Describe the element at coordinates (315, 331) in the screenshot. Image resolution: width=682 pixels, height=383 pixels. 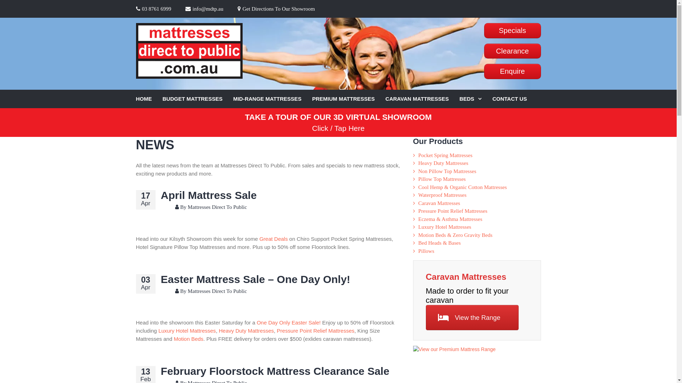
I see `'Pressure Point Relief Mattresses'` at that location.